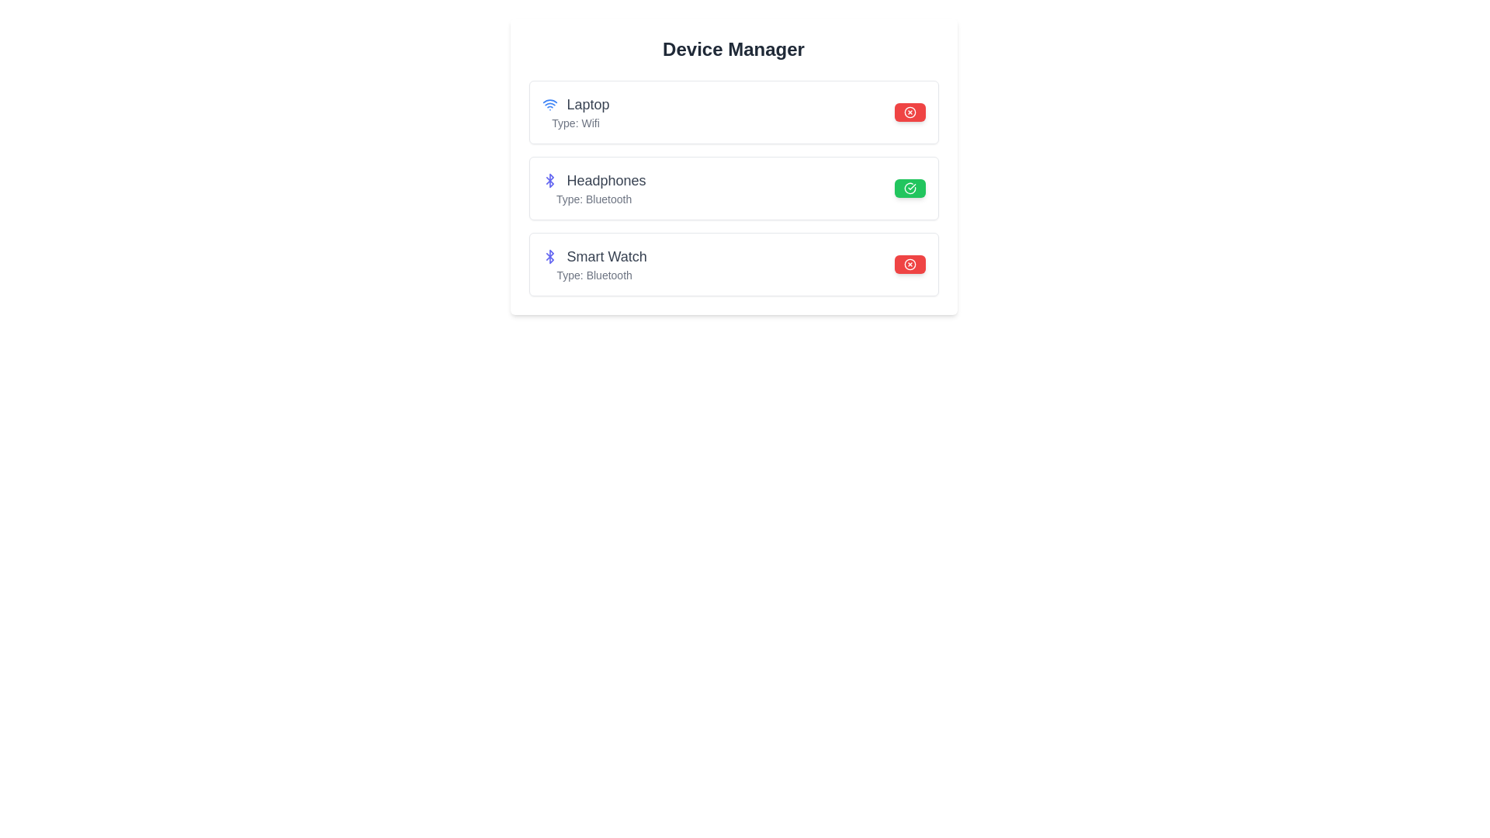  I want to click on the second curved line of the Wi-Fi icon, which is part of the SVG graphic located to the left of the 'Laptop' text under the 'Device Manager' header, so click(549, 101).